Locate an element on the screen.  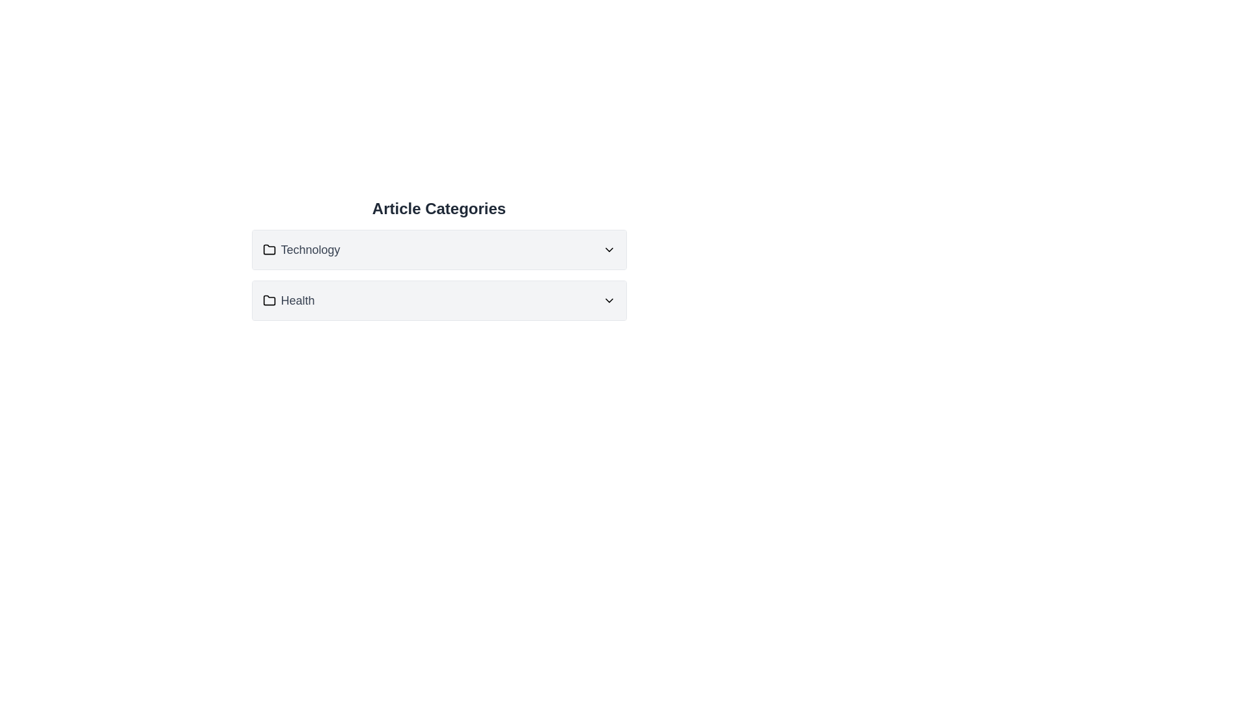
the 'Health' category list item located below the 'Technology' entry in the collapsible list is located at coordinates (439, 301).